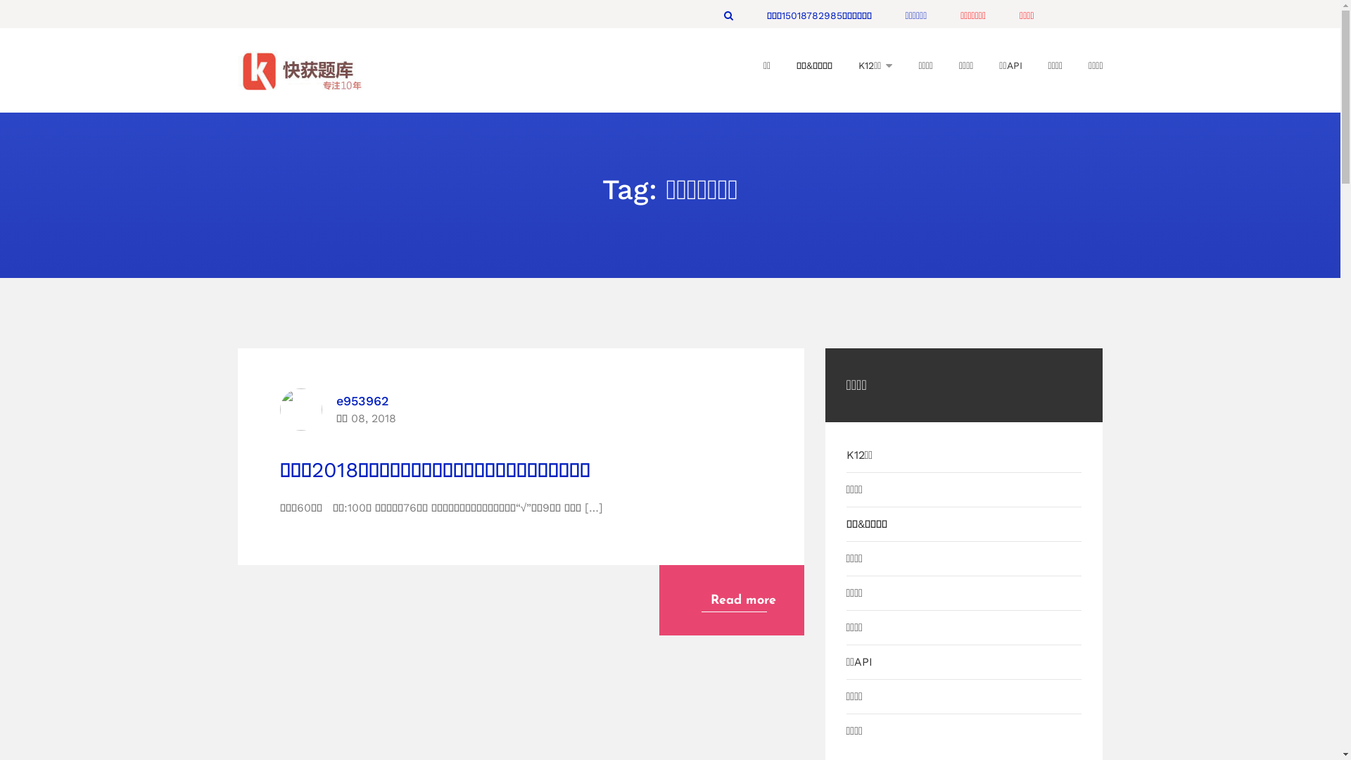  Describe the element at coordinates (728, 15) in the screenshot. I see `'Search'` at that location.